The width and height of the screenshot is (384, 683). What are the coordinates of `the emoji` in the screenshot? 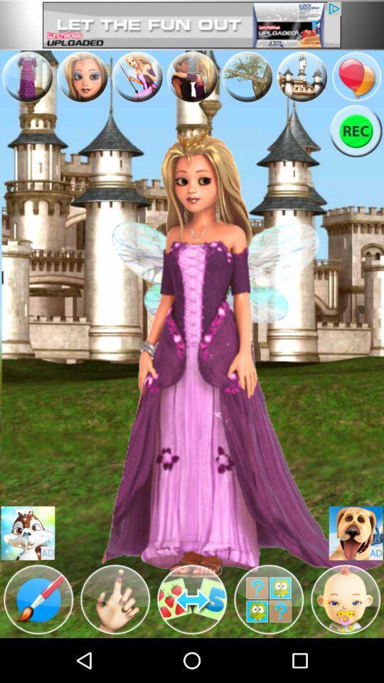 It's located at (28, 532).